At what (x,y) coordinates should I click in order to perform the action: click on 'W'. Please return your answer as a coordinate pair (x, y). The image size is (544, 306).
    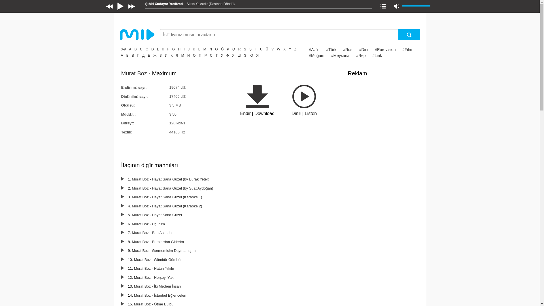
    Looking at the image, I should click on (278, 49).